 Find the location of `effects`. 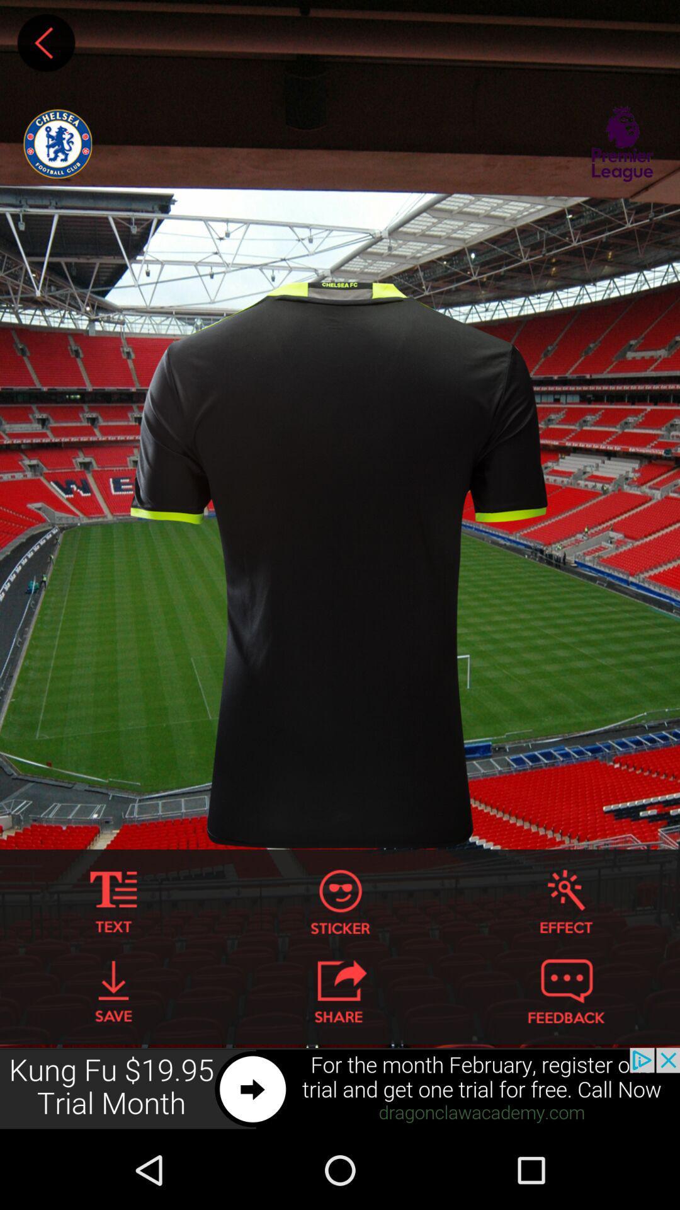

effects is located at coordinates (565, 901).